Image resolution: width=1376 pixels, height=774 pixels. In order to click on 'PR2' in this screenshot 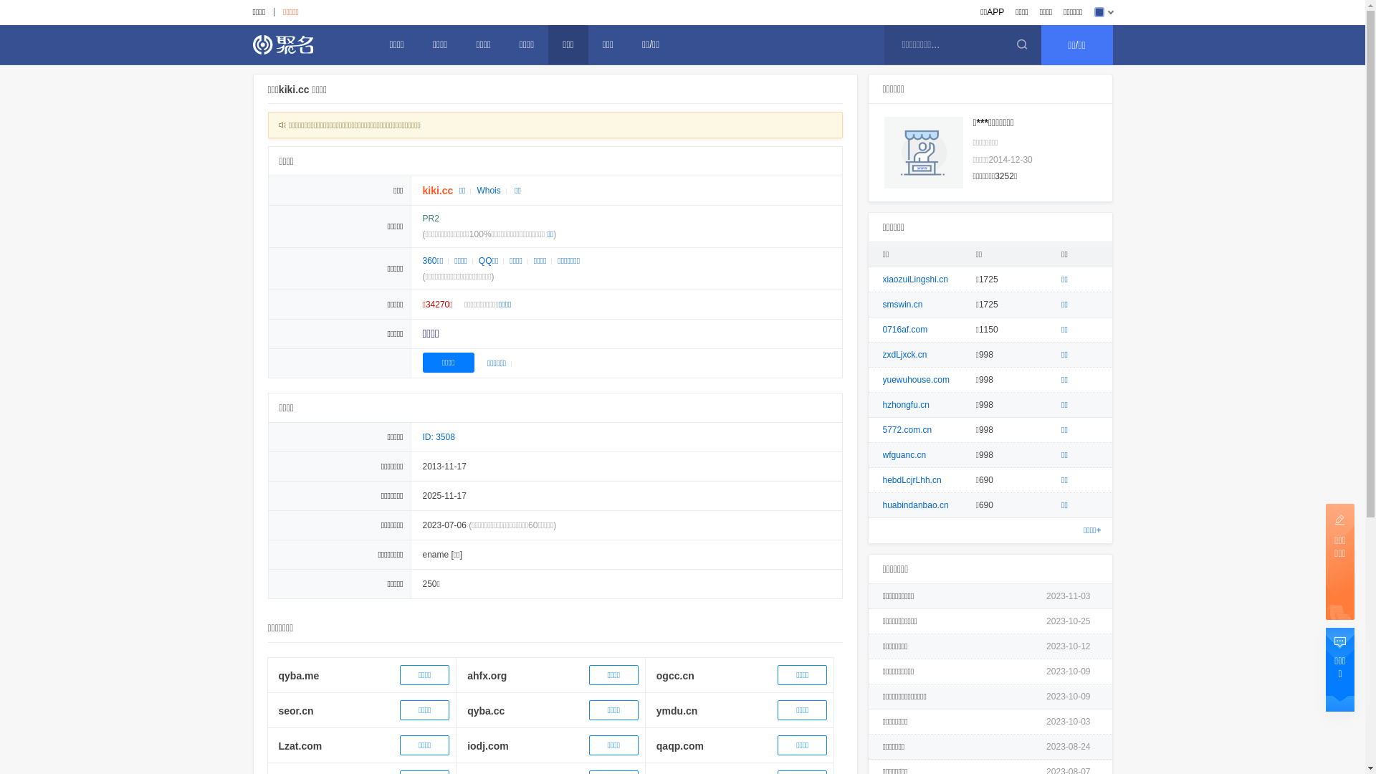, I will do `click(422, 218)`.